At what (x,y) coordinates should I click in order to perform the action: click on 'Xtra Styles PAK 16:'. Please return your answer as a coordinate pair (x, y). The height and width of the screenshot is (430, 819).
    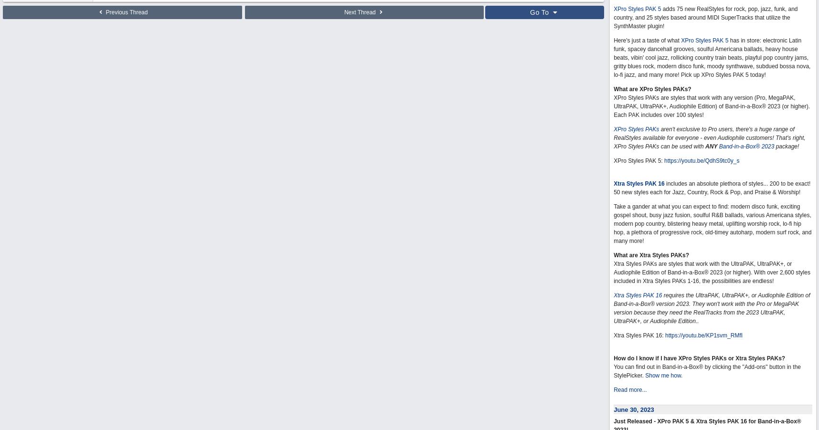
    Looking at the image, I should click on (613, 335).